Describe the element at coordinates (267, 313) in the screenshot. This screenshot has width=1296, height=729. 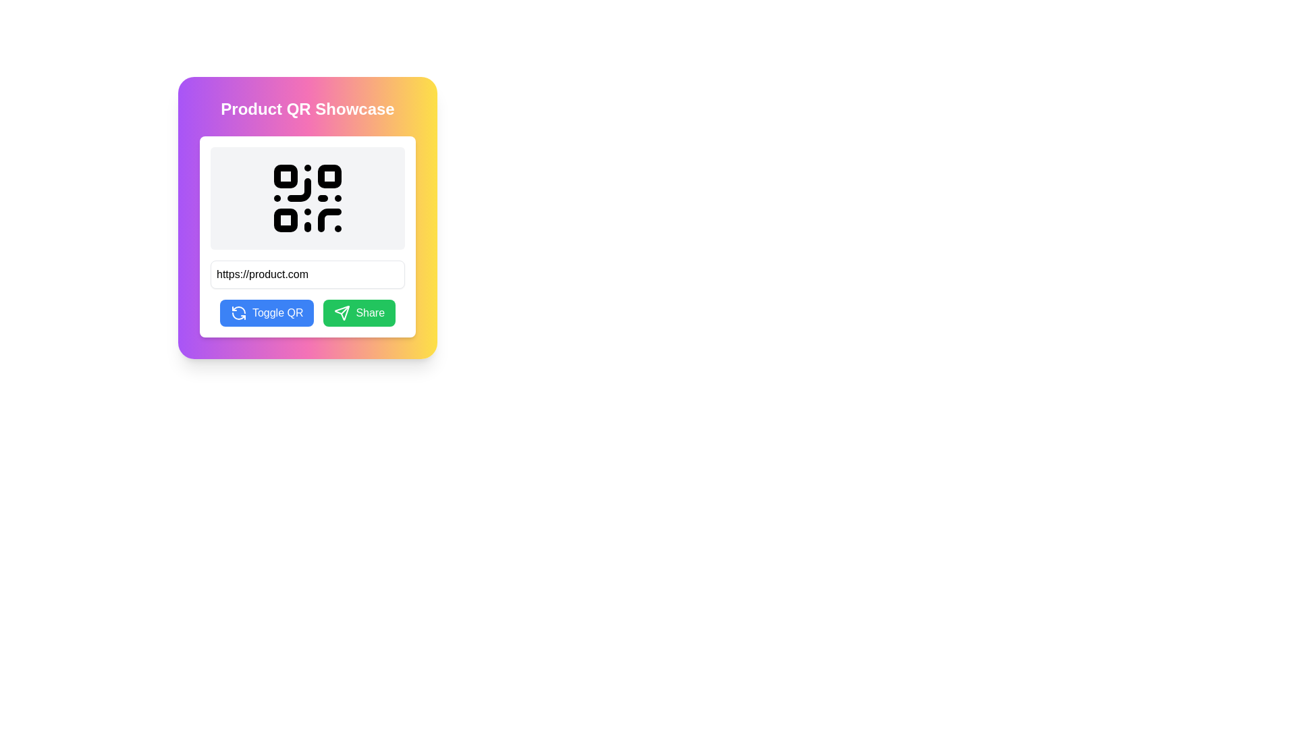
I see `the button located to the left of the 'Share' button in the lower section of the card interface to change its background color` at that location.